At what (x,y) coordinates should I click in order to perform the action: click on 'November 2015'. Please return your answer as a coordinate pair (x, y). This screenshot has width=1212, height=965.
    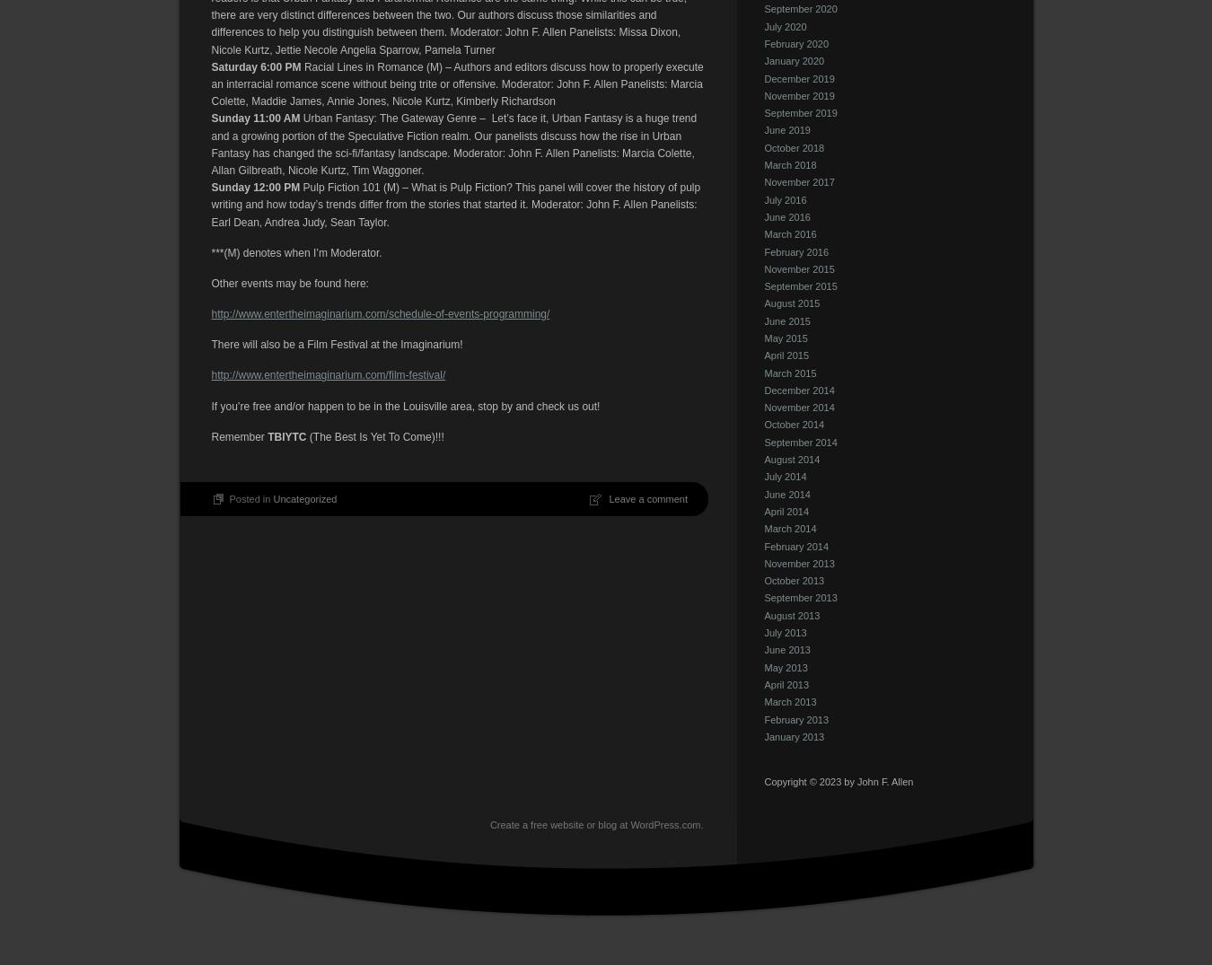
    Looking at the image, I should click on (799, 267).